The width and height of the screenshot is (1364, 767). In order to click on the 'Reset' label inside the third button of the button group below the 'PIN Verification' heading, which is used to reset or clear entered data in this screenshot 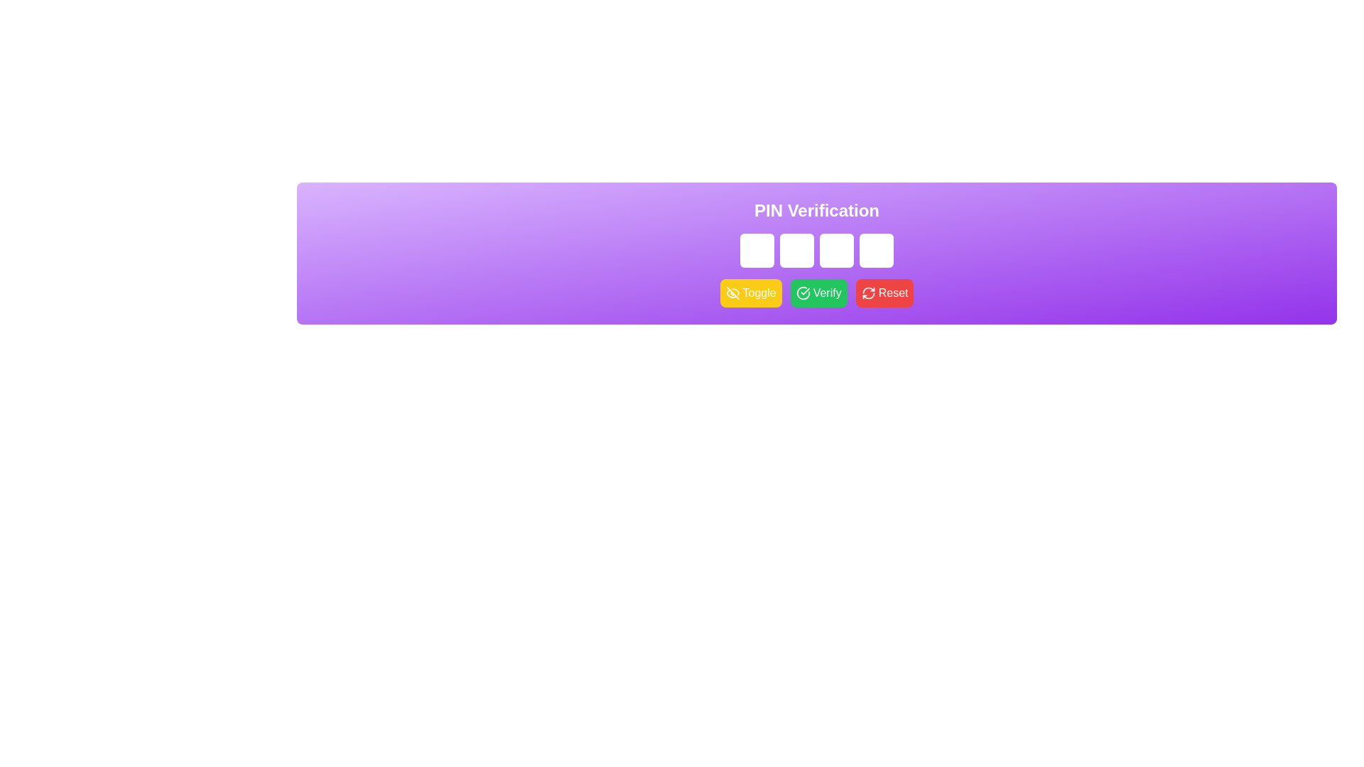, I will do `click(892, 292)`.